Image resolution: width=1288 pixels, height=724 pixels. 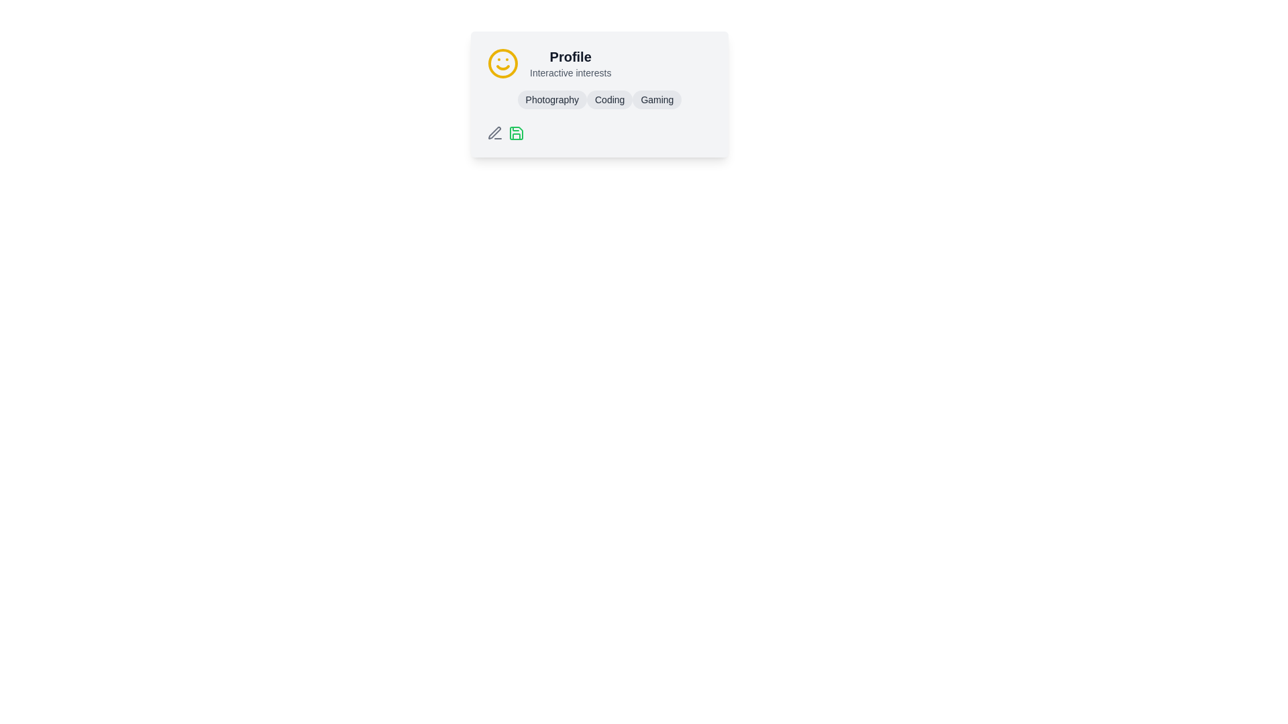 What do you see at coordinates (570, 64) in the screenshot?
I see `the text label that serves as a heading and subheading for the user profile card, located slightly to the right and centered at the top of the card, above the interests labels` at bounding box center [570, 64].